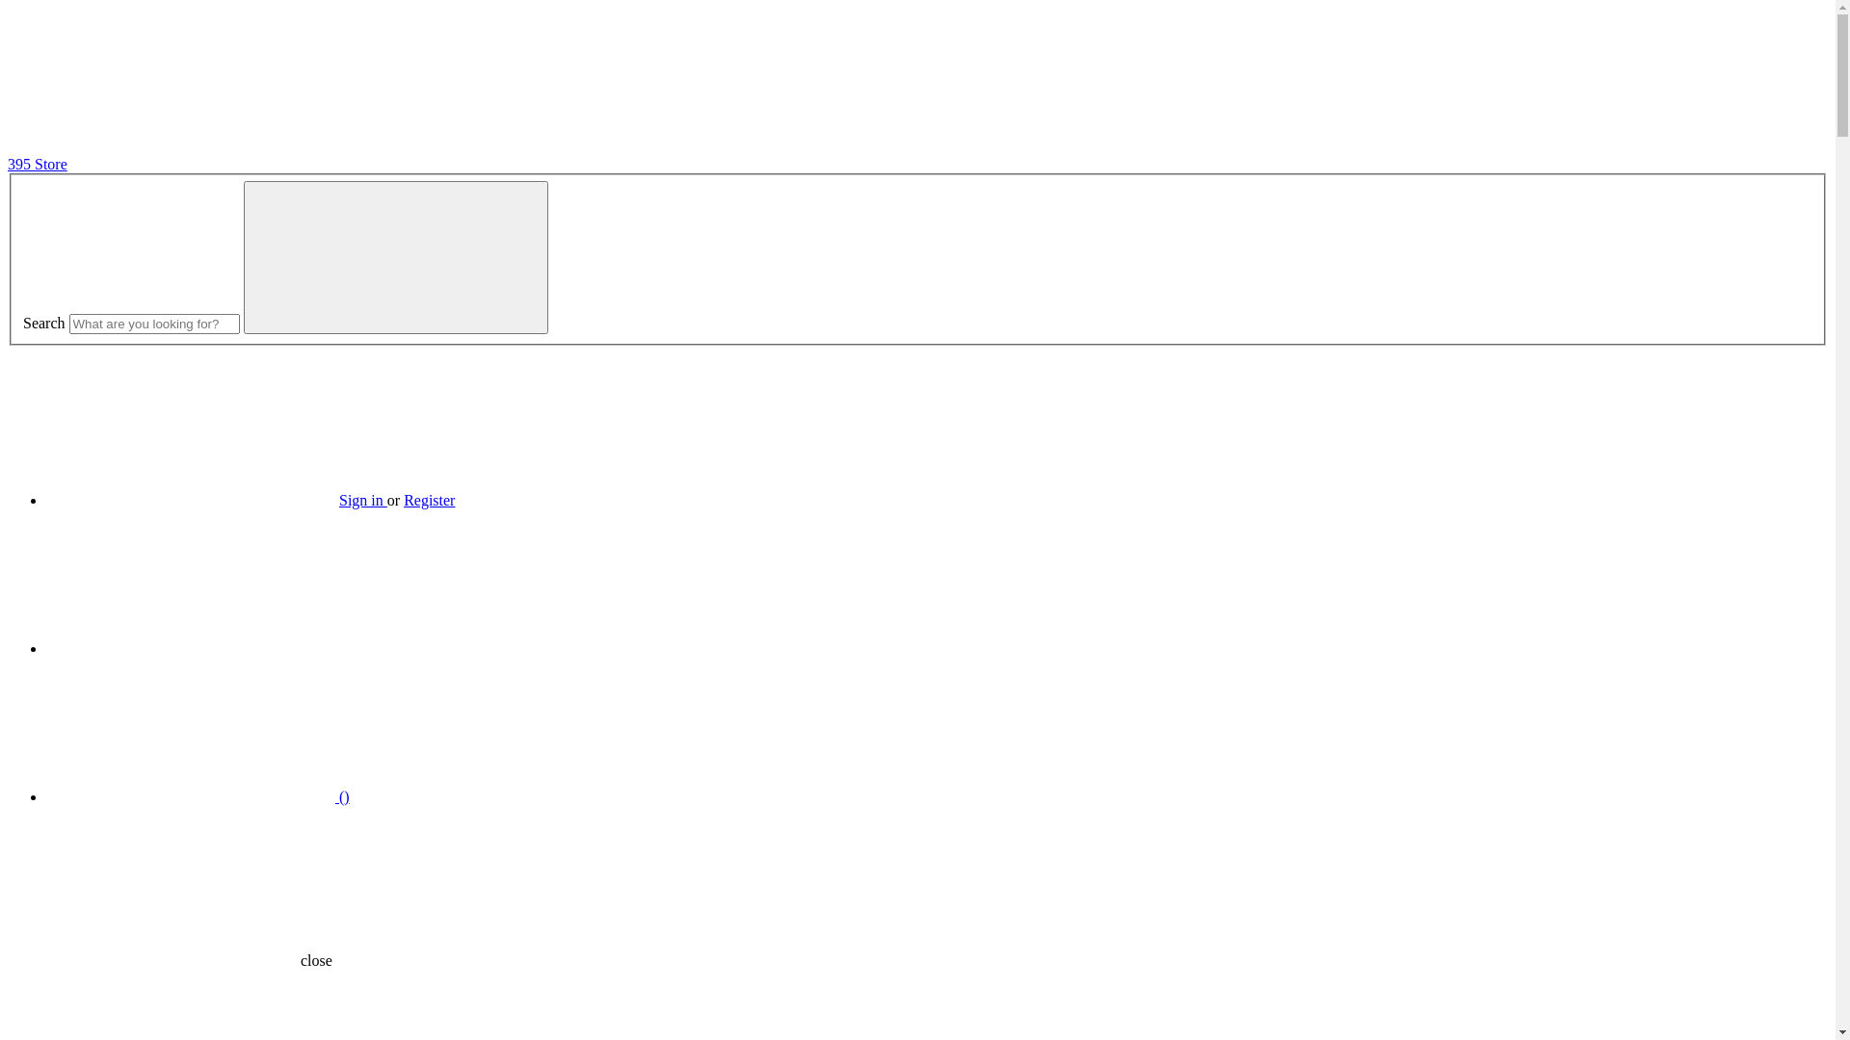 The height and width of the screenshot is (1040, 1850). I want to click on 'Register', so click(402, 499).